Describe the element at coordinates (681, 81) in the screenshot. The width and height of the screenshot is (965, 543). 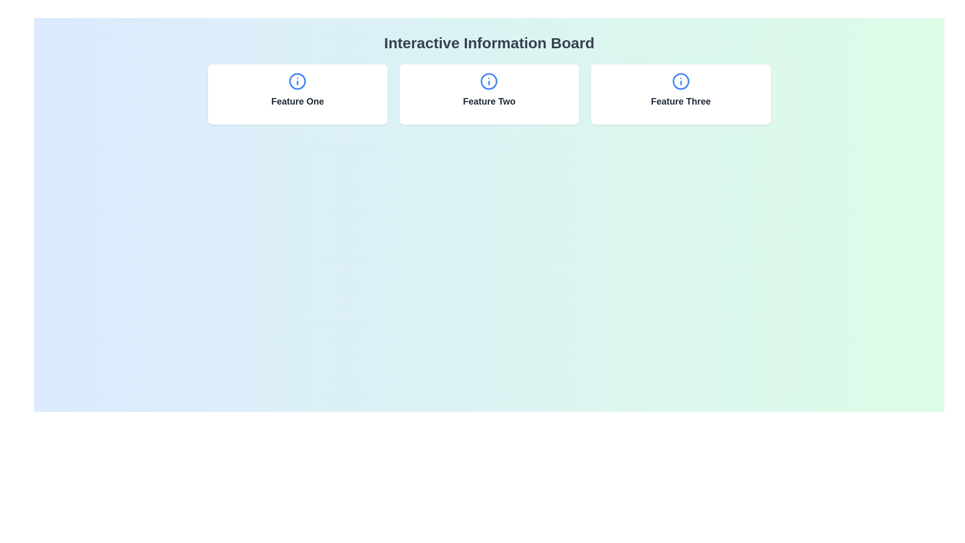
I see `the circular information icon with a blue outline and a centered lowercase 'i' symbol, located above the text 'Feature Three' in the third panel` at that location.